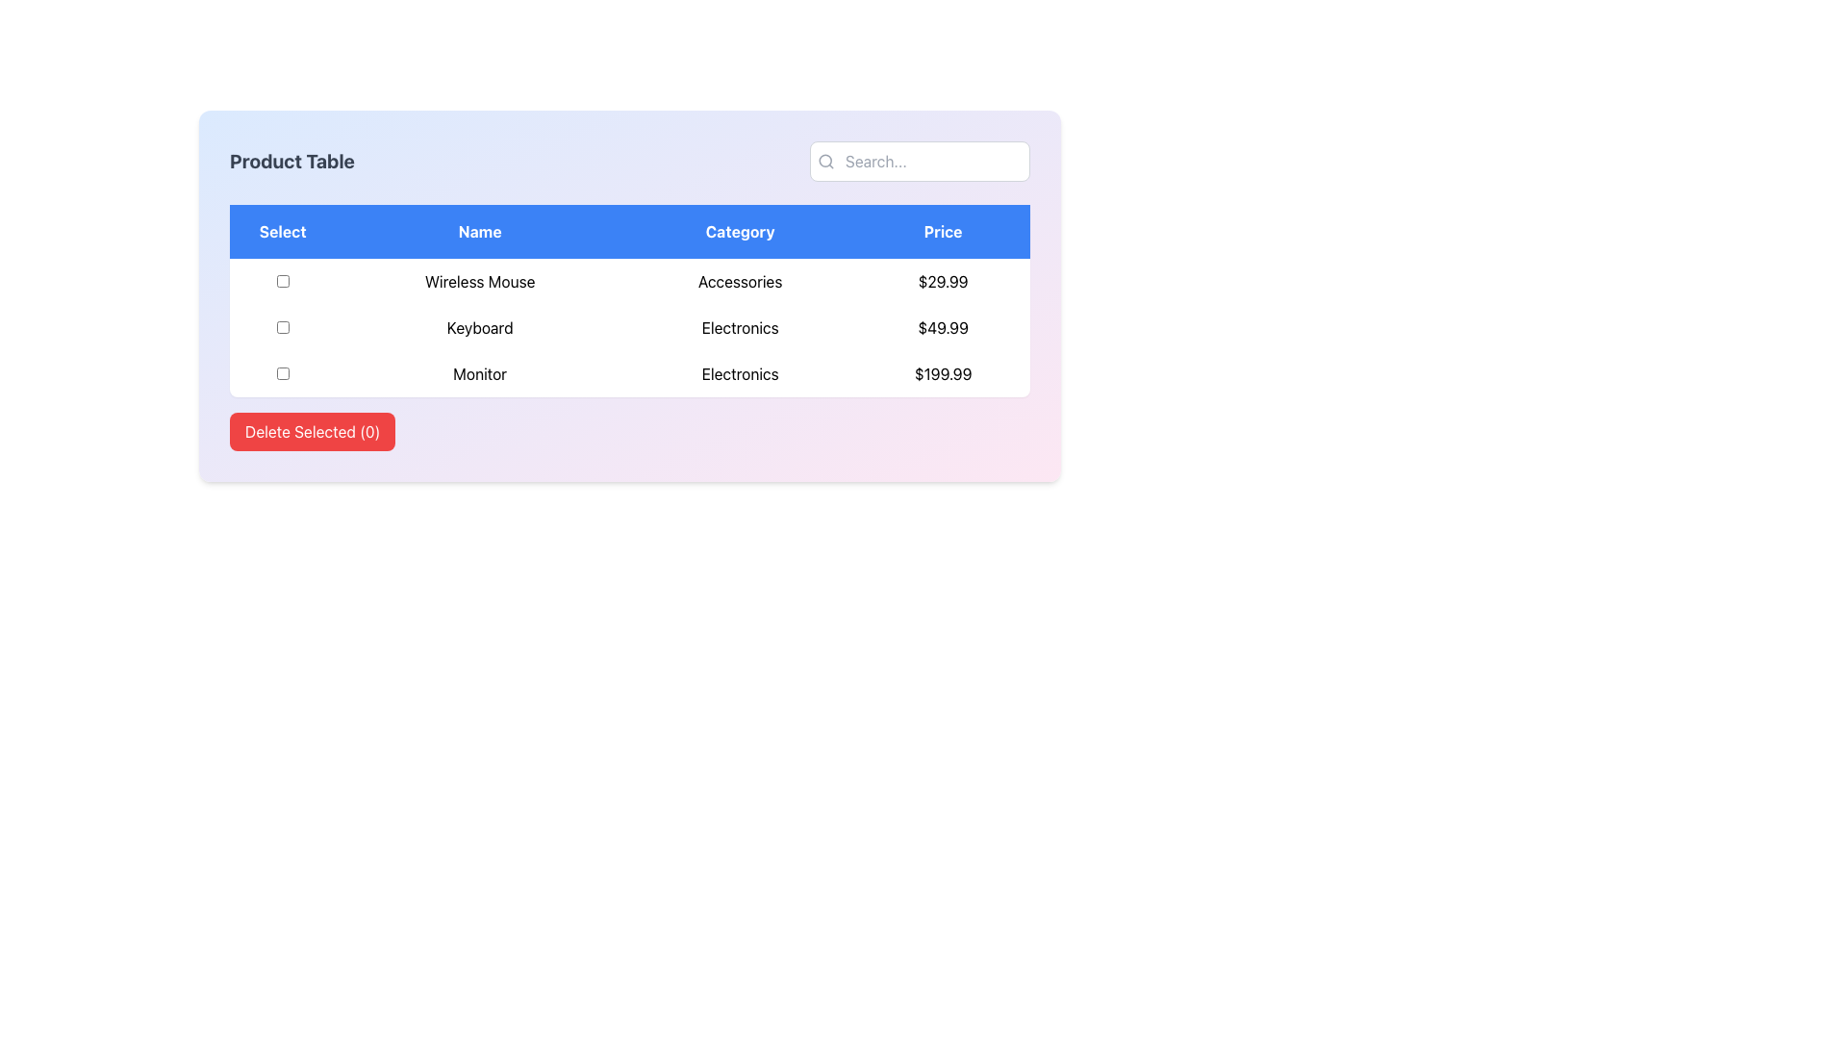 This screenshot has width=1847, height=1039. What do you see at coordinates (739, 374) in the screenshot?
I see `text from the Text Label located in the third row of the 'Category' column within the table layout` at bounding box center [739, 374].